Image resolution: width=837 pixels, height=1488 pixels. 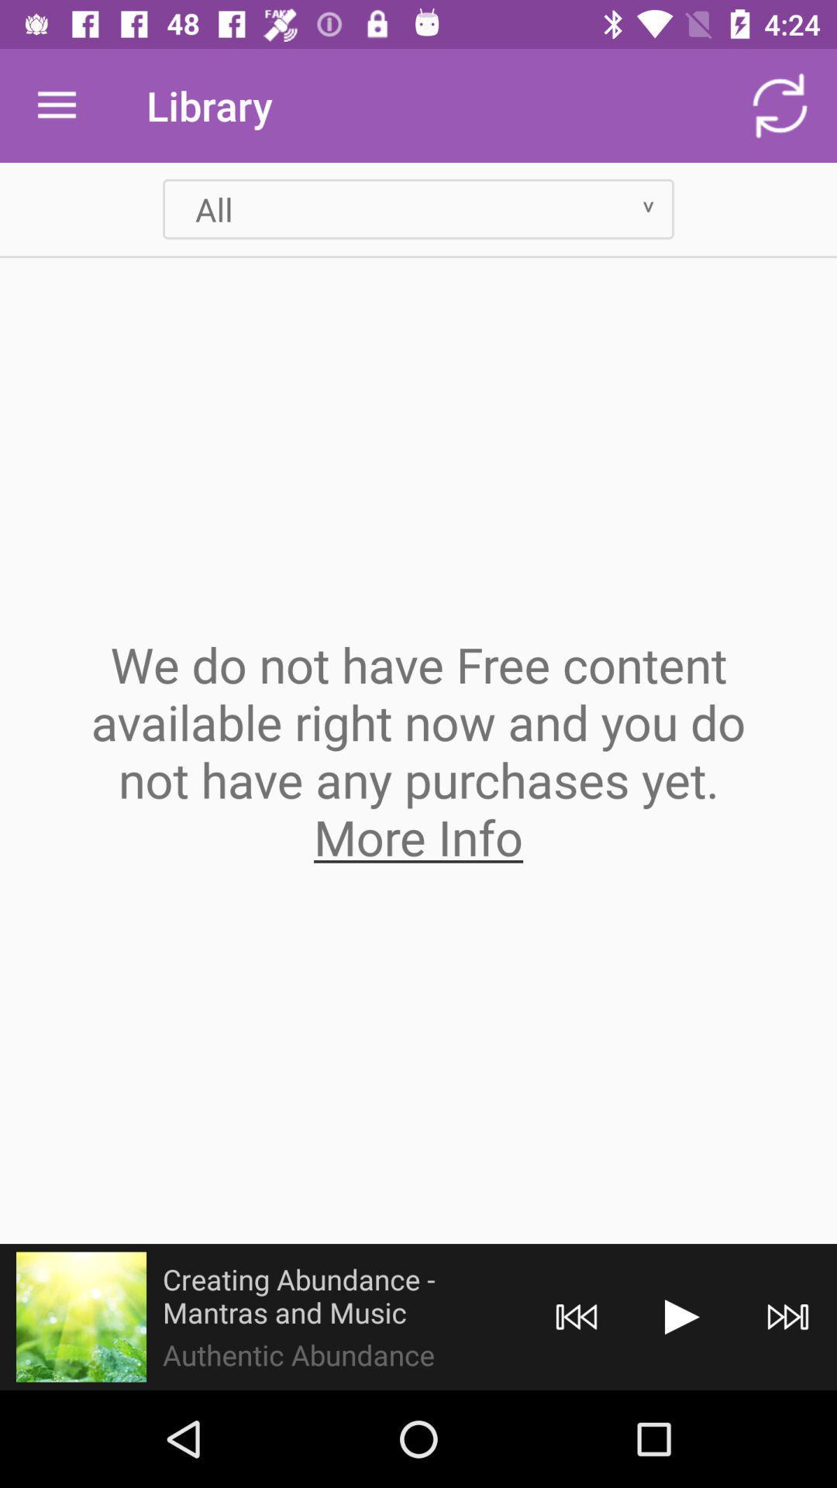 What do you see at coordinates (780, 105) in the screenshot?
I see `icon to the right of library item` at bounding box center [780, 105].